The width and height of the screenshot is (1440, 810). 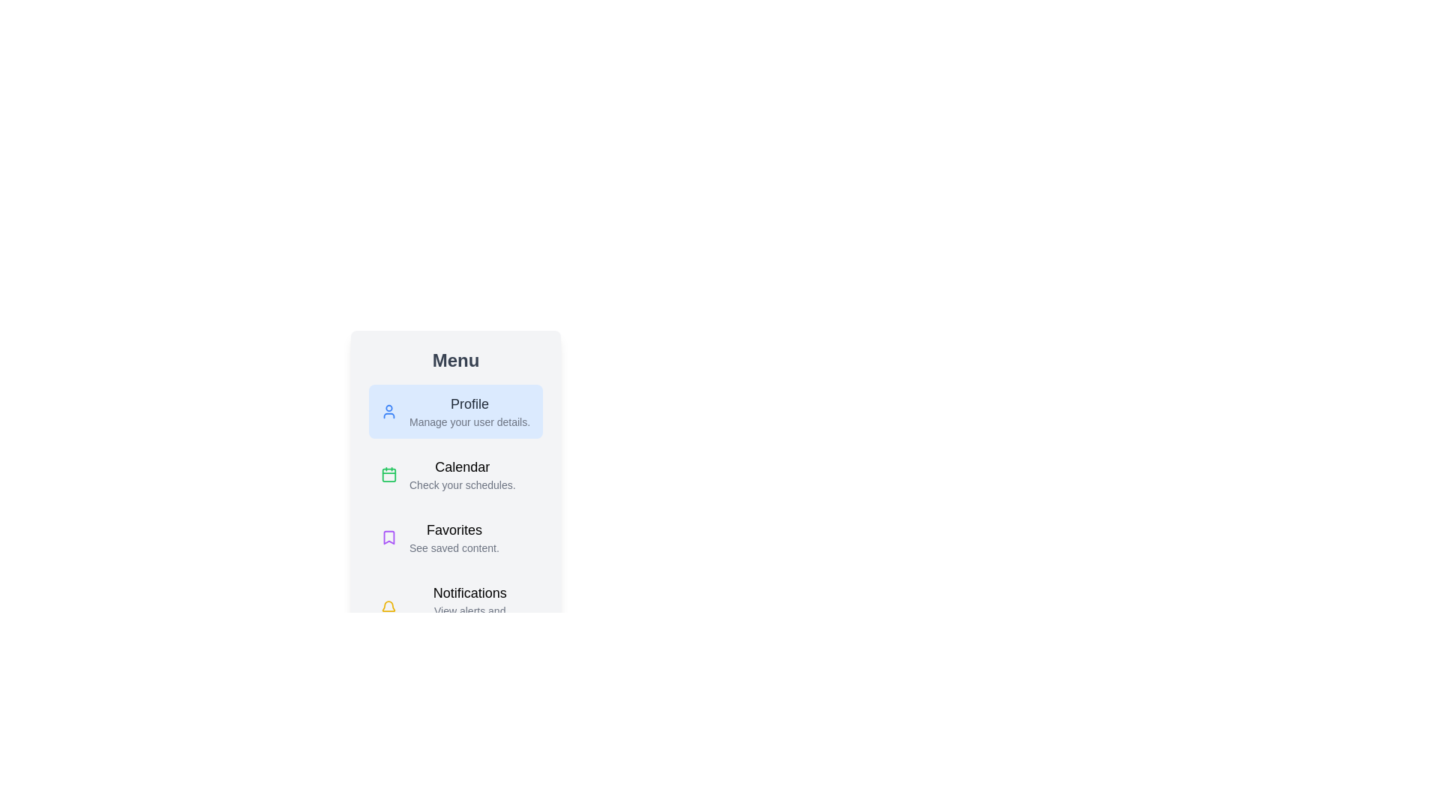 I want to click on the menu item labeled Favorites by clicking on it, so click(x=455, y=537).